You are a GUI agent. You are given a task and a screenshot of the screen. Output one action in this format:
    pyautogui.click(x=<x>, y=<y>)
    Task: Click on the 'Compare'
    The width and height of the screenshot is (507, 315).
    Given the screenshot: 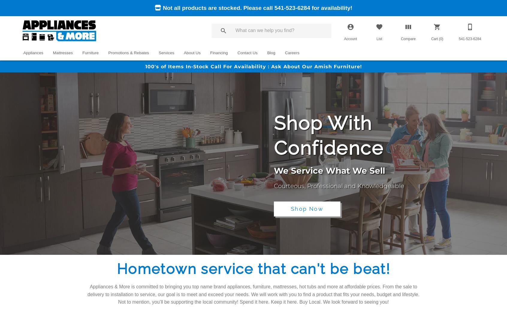 What is the action you would take?
    pyautogui.click(x=408, y=39)
    